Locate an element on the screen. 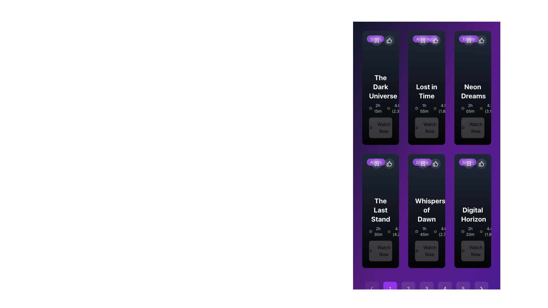 This screenshot has height=308, width=548. movie information from the Information card for 'Lost in Time' located in the top row, second column, which includes details about its duration, rating, and a button to watch the movie is located at coordinates (426, 110).